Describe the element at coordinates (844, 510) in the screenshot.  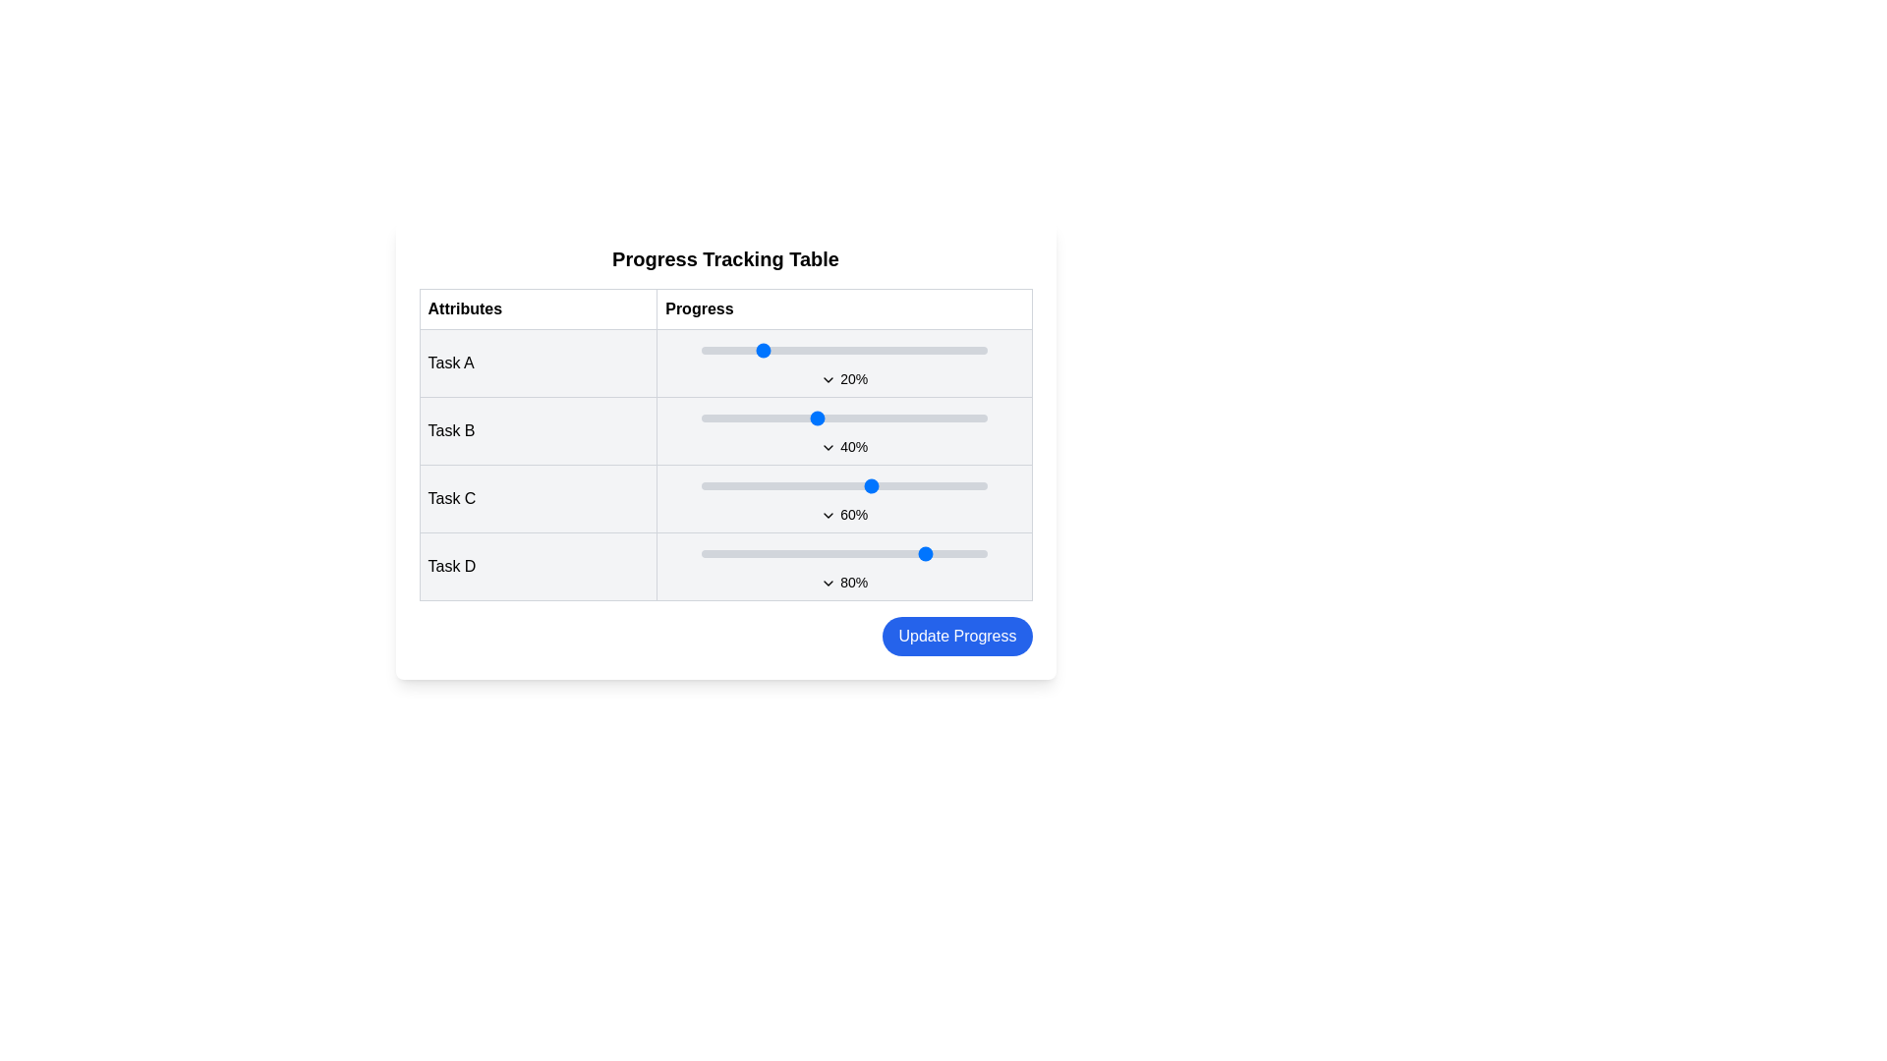
I see `the Text Label displaying the current progress percentage in the third row of the progress tracking table, located in the 'Progress' column` at that location.